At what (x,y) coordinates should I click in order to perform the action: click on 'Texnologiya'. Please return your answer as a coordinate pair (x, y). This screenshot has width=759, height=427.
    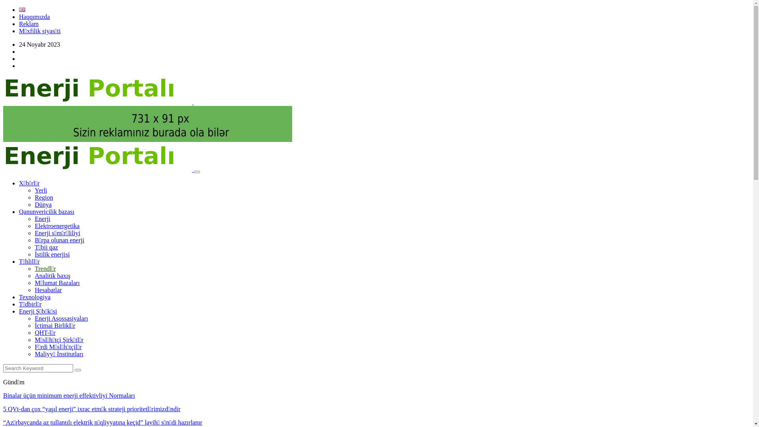
    Looking at the image, I should click on (34, 297).